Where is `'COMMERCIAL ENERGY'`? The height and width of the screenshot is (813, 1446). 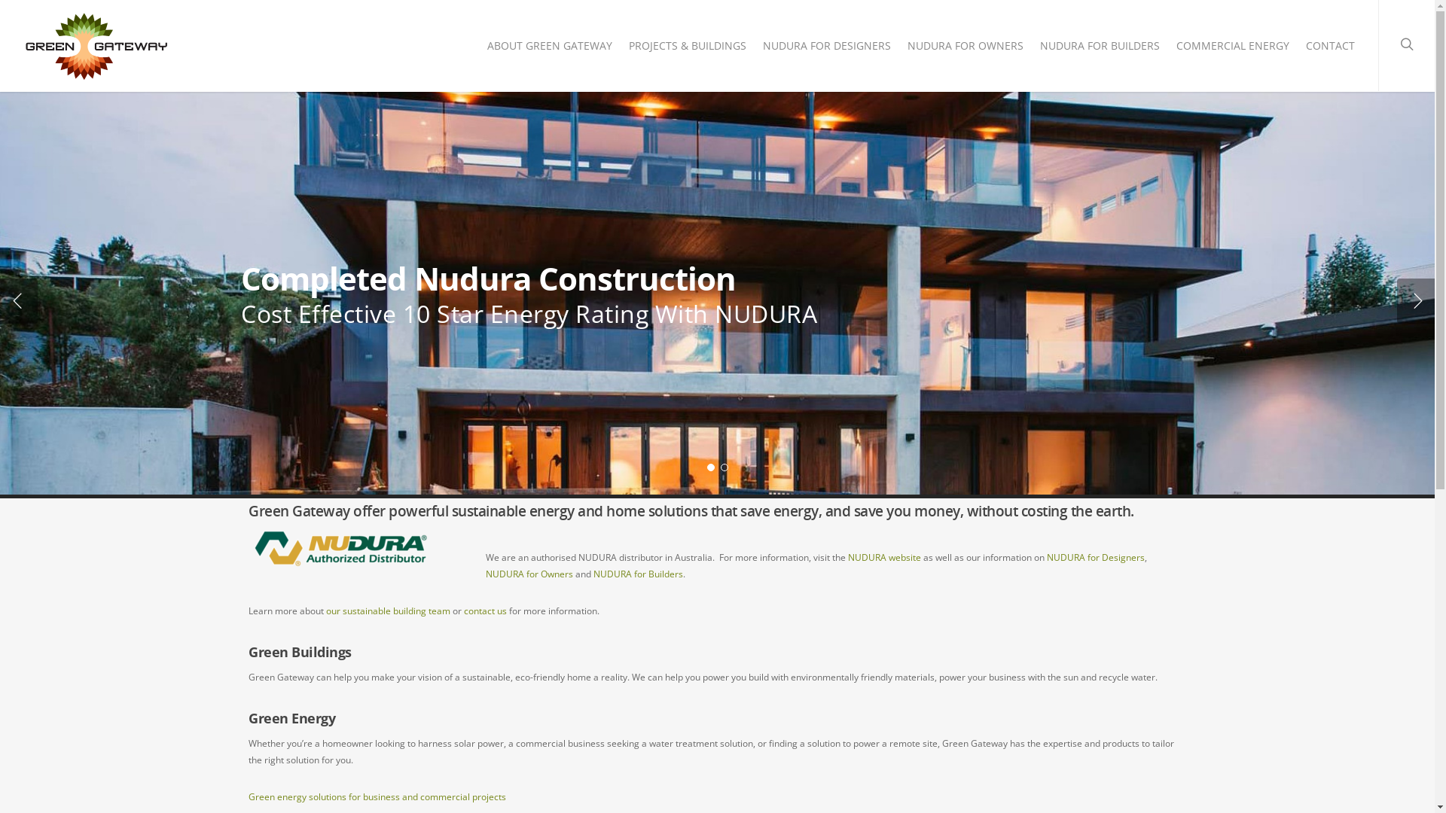
'COMMERCIAL ENERGY' is located at coordinates (1232, 48).